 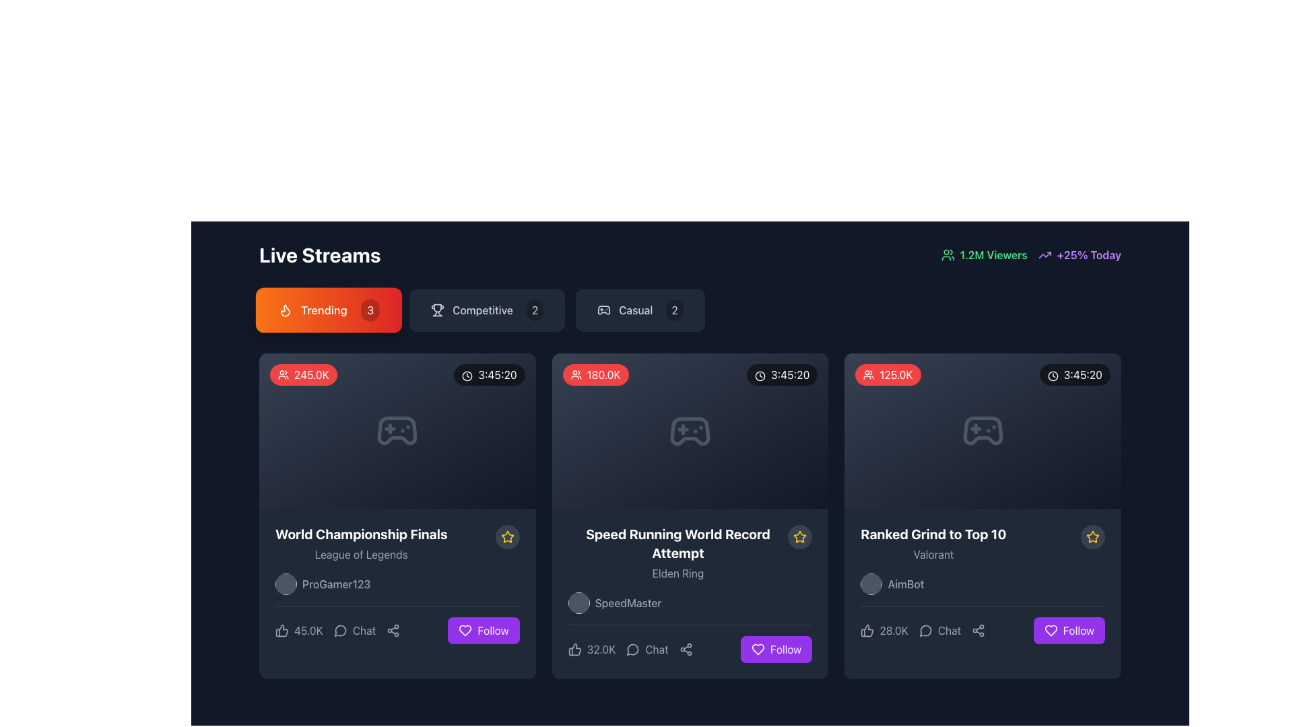 What do you see at coordinates (690, 431) in the screenshot?
I see `the Decorative icon of the game controller located in the 'Speed Running World Record Attempt' tile, which is the second item in the top row of live stream options` at bounding box center [690, 431].